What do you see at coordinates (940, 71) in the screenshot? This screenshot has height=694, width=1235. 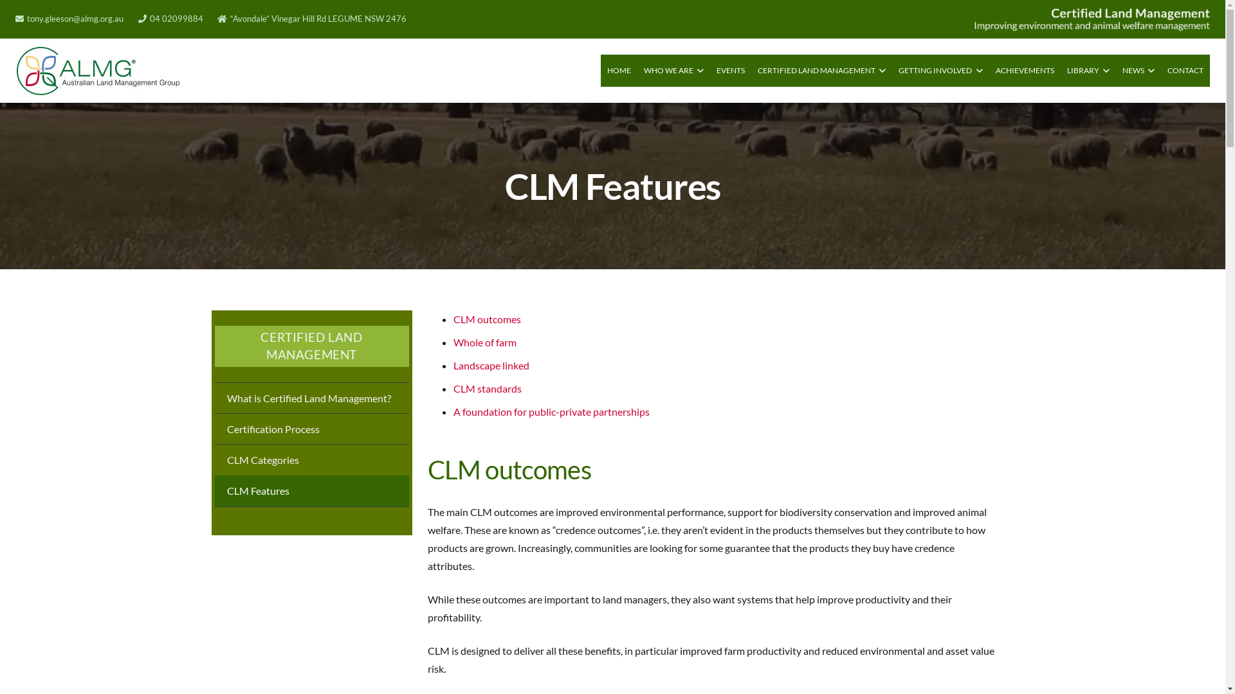 I see `'GETTING INVOLVED'` at bounding box center [940, 71].